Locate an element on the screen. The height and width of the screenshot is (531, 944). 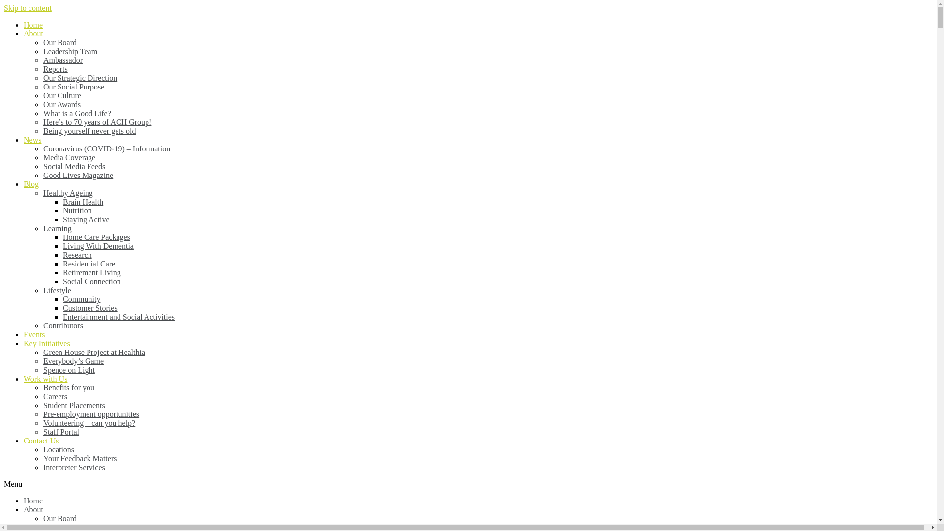
'Lifestyle' is located at coordinates (57, 290).